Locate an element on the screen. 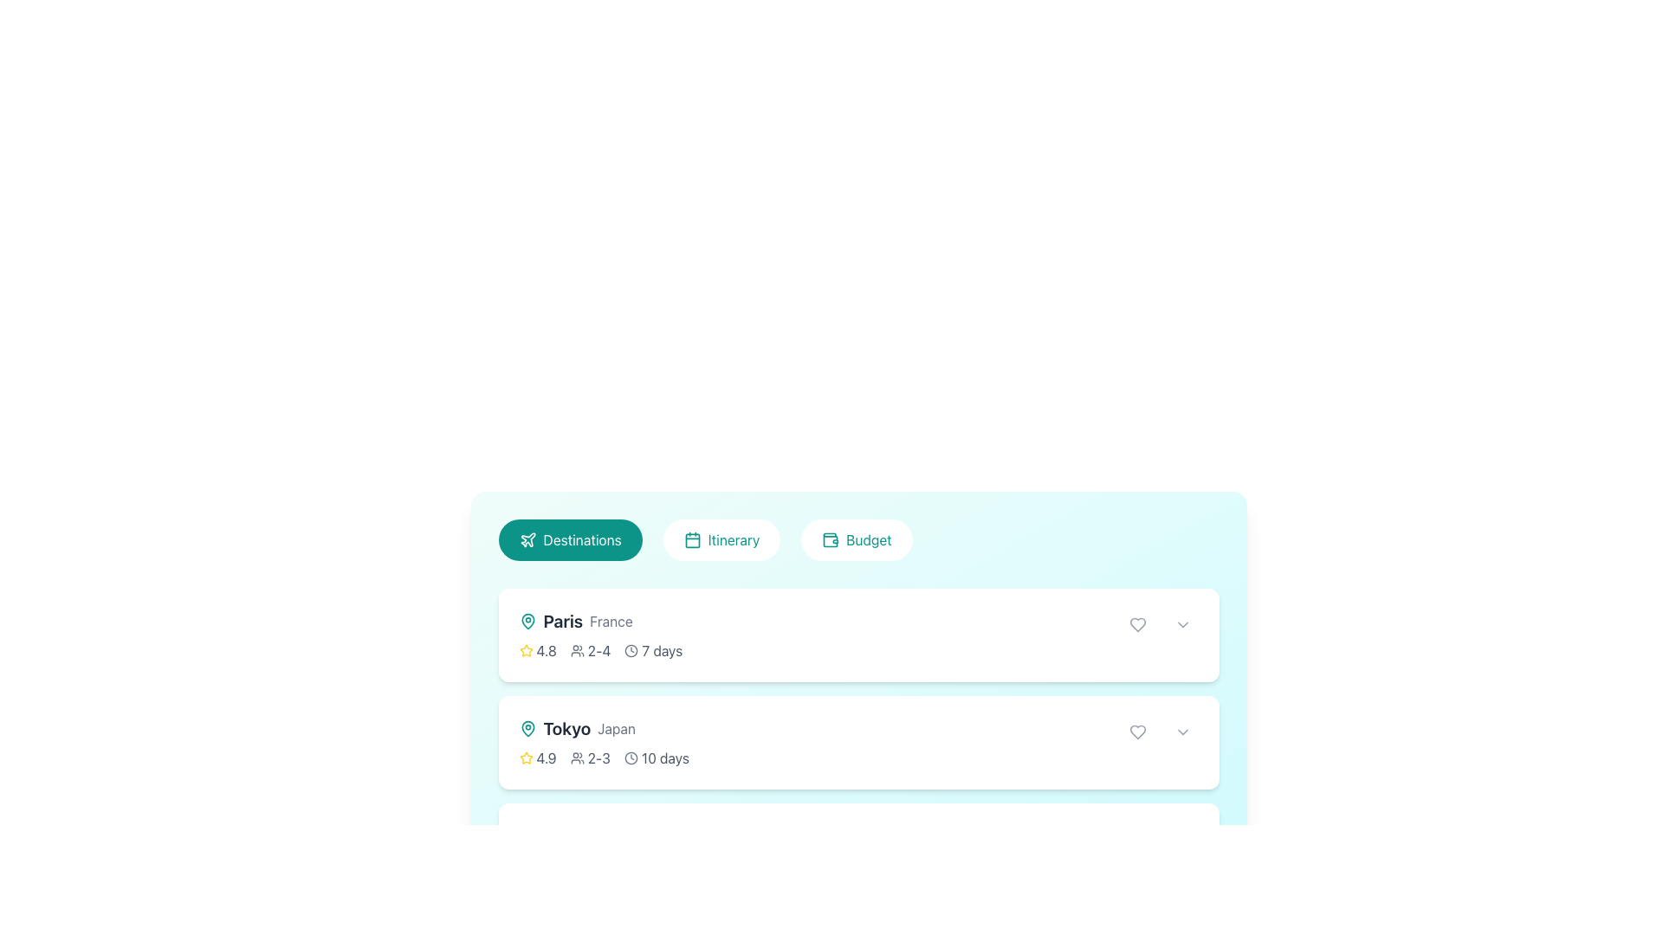 This screenshot has height=935, width=1663. the text label displaying '2-4' styled in gray, which is part of the attendance information line below the title 'Paris' is located at coordinates (599, 651).